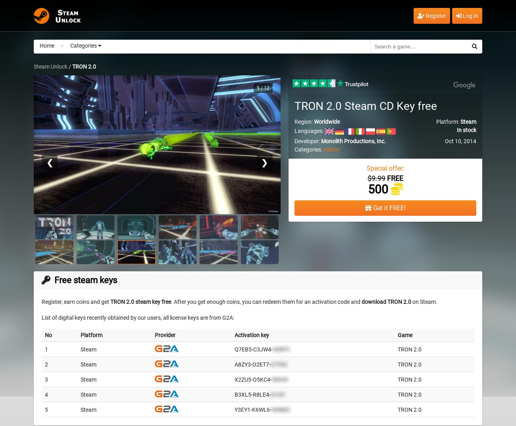 The width and height of the screenshot is (516, 426). What do you see at coordinates (281, 349) in the screenshot?
I see `'X6RP3'` at bounding box center [281, 349].